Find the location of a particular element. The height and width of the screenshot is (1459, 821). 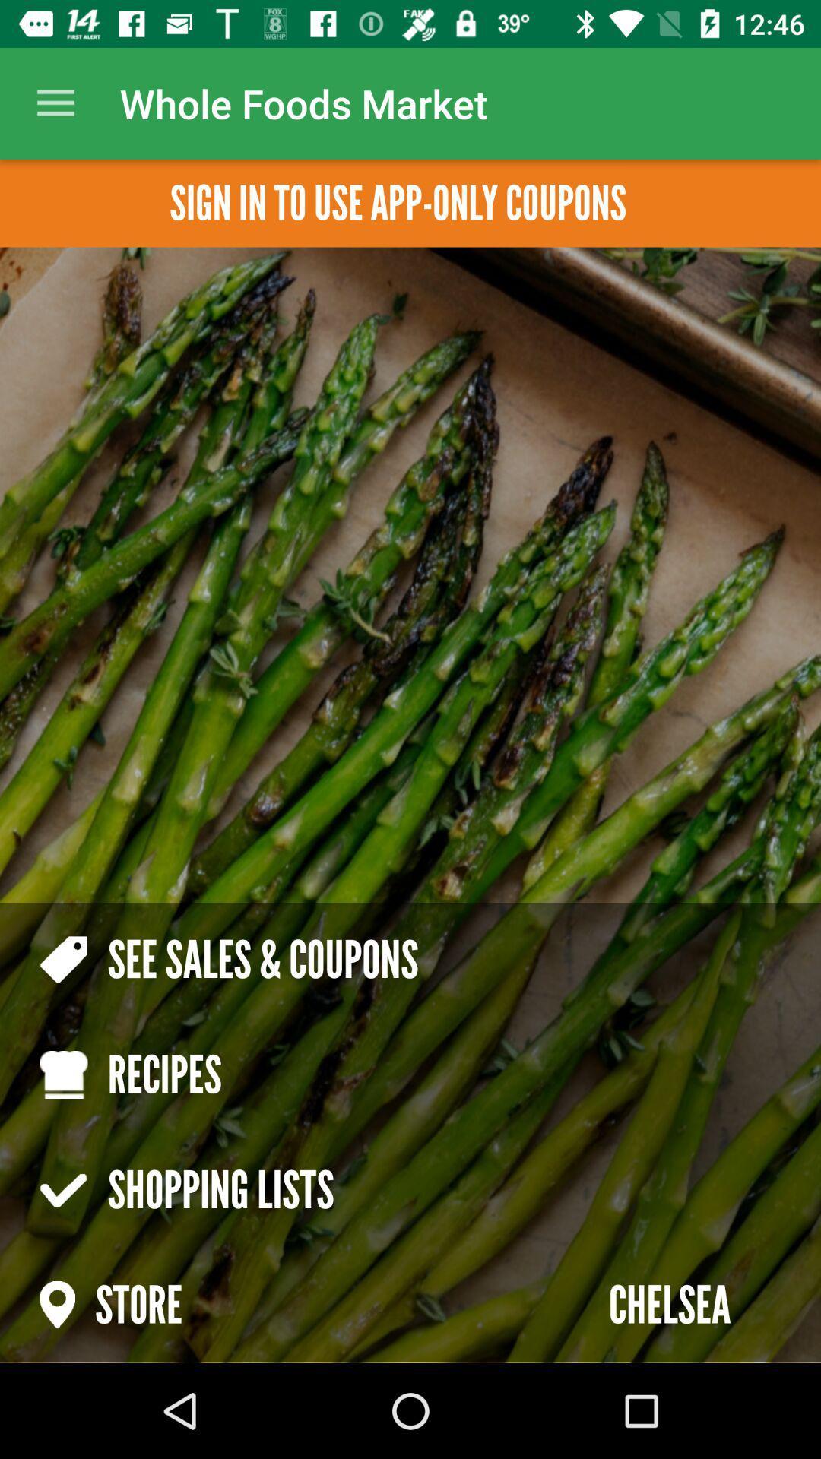

the icon above the see sales & coupons item is located at coordinates (397, 202).